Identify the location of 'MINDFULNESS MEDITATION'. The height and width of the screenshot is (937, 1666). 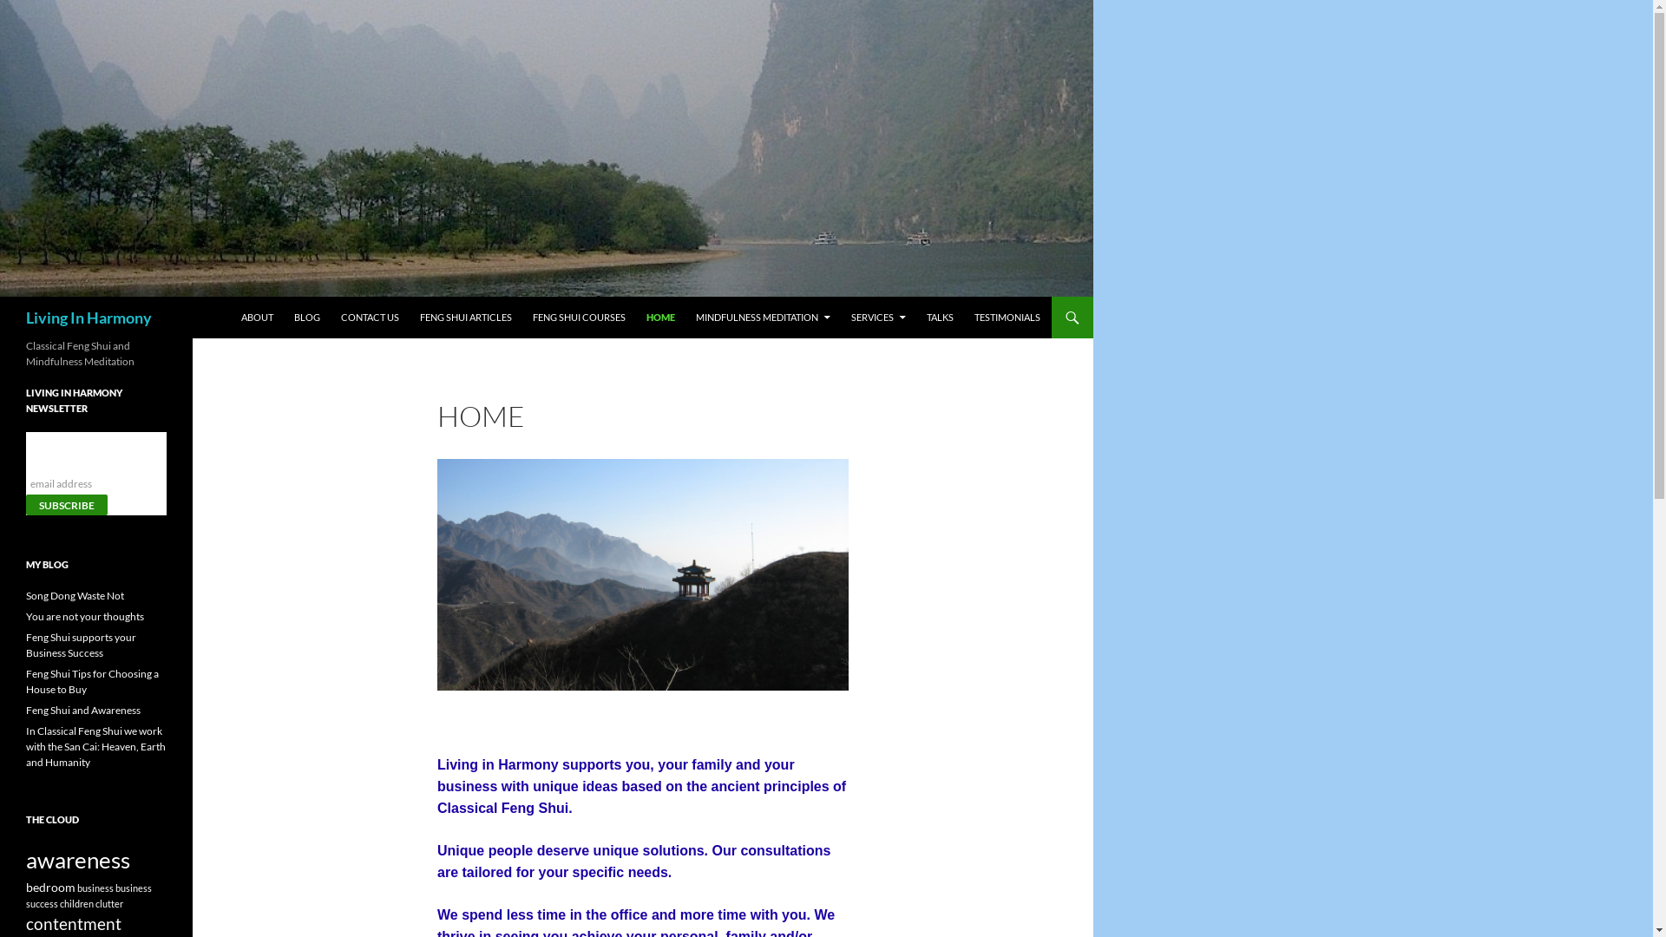
(763, 318).